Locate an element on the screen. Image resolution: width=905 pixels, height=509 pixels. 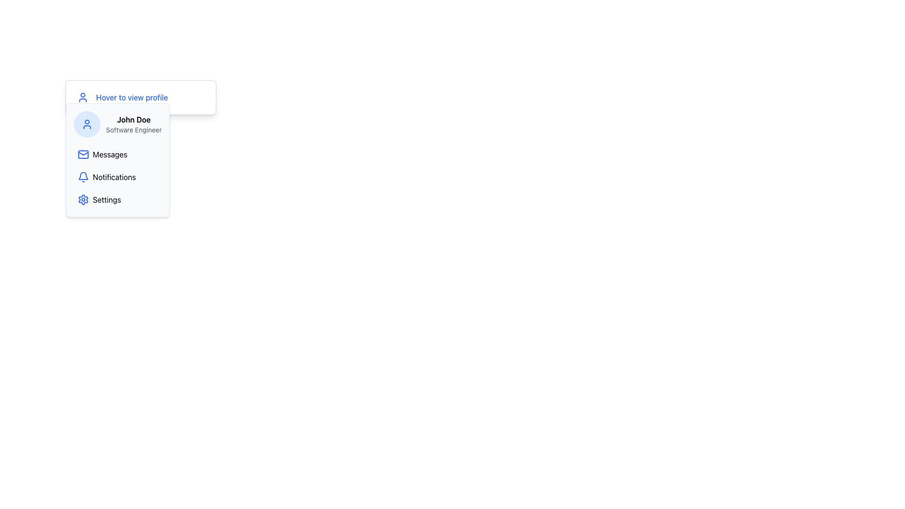
text content of the Label displaying 'John Doe' and 'Software Engineer' within the dropdown menu located on the left side of the interface is located at coordinates (133, 123).